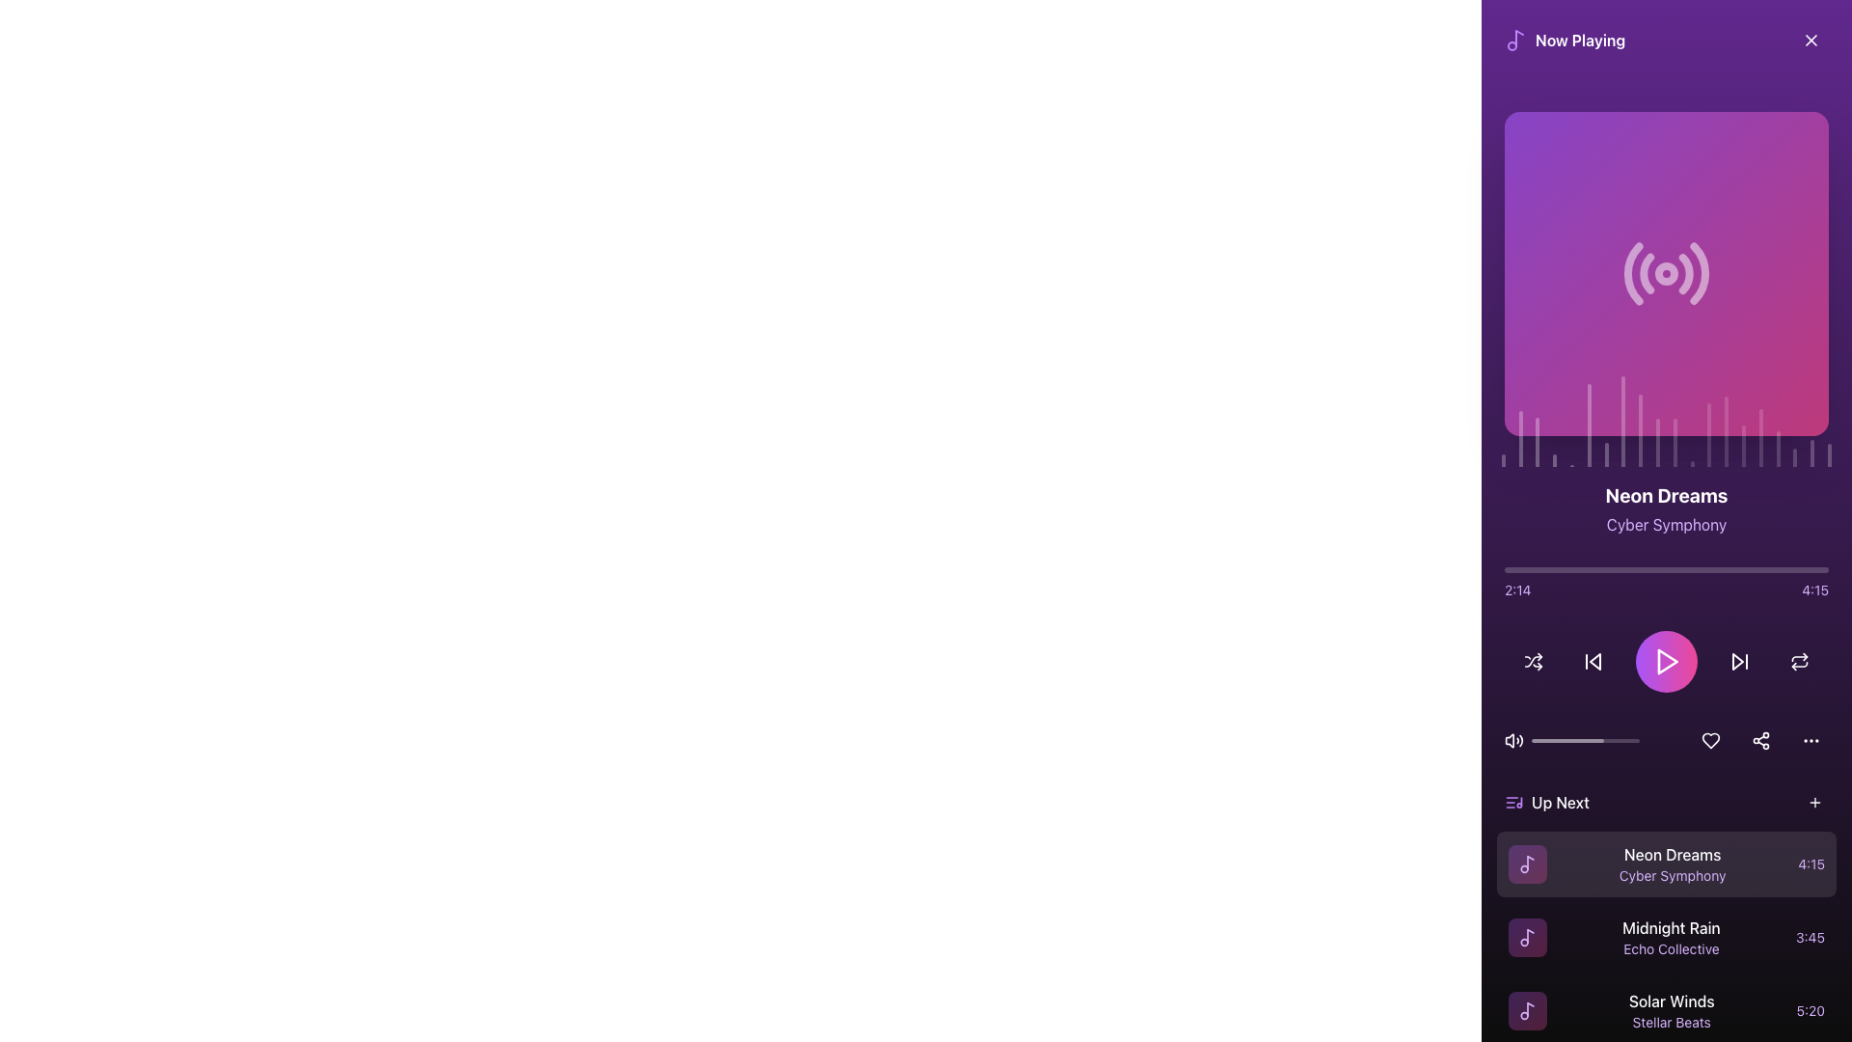  What do you see at coordinates (1666, 524) in the screenshot?
I see `the text label 'Cyber Symphony' which is styled in purple and positioned under the header 'Neon Dreams'` at bounding box center [1666, 524].